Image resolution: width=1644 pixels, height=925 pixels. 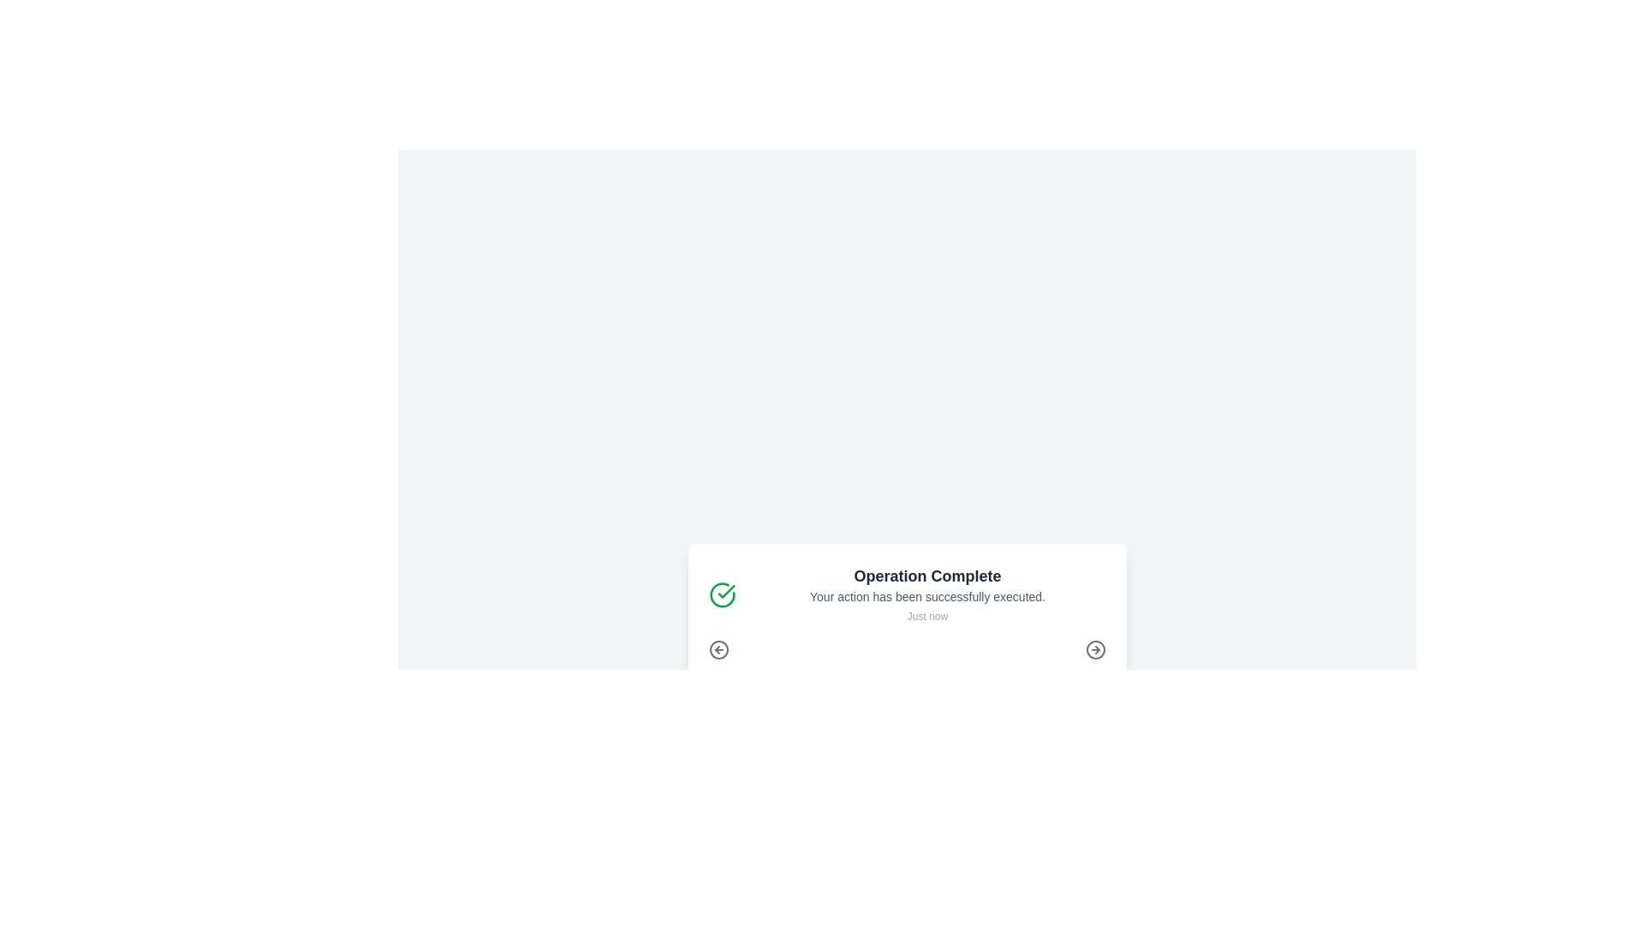 I want to click on the circular graphical element with a centered dot located in the bottom-right corner of the 'Operation Complete' dialog box, so click(x=1094, y=650).